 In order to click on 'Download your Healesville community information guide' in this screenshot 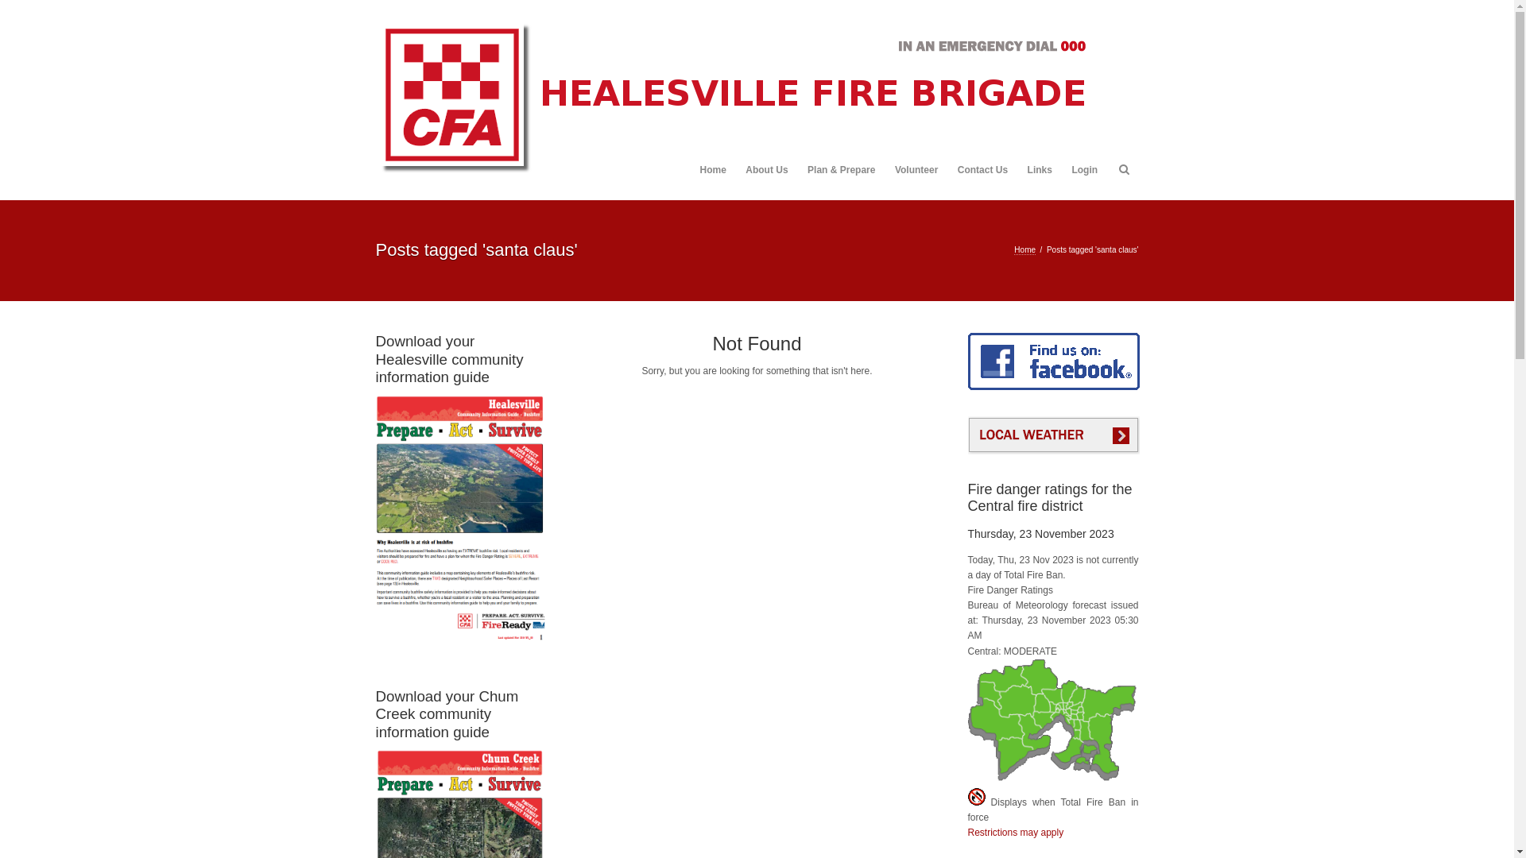, I will do `click(374, 497)`.